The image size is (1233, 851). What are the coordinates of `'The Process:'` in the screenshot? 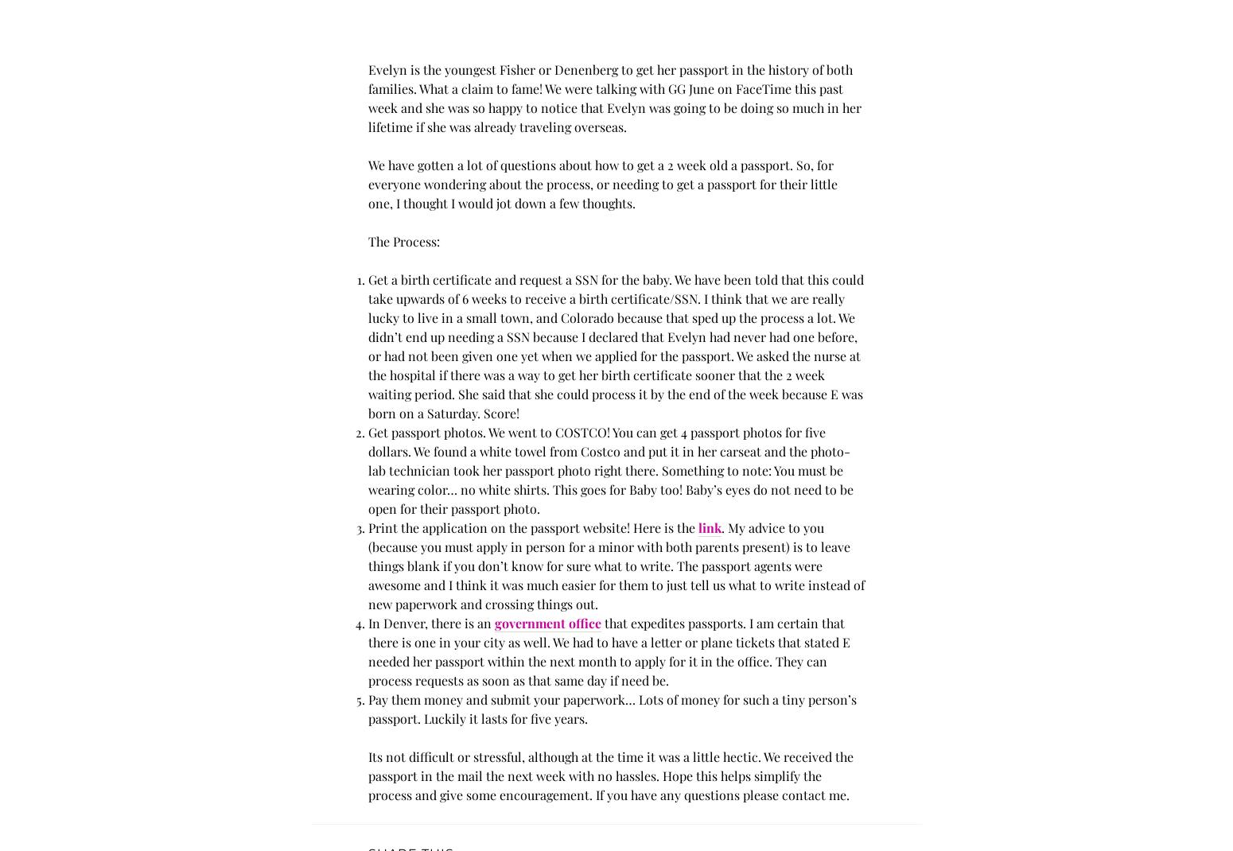 It's located at (403, 241).